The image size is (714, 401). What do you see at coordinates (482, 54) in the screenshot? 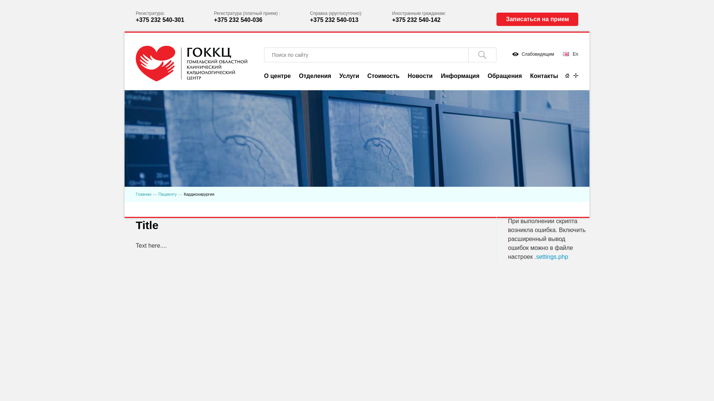
I see `' '` at bounding box center [482, 54].